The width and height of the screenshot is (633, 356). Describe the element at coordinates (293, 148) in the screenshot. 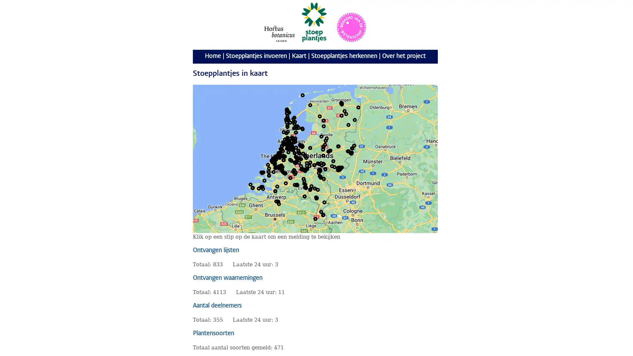

I see `Telling van op 04 juni 2022` at that location.